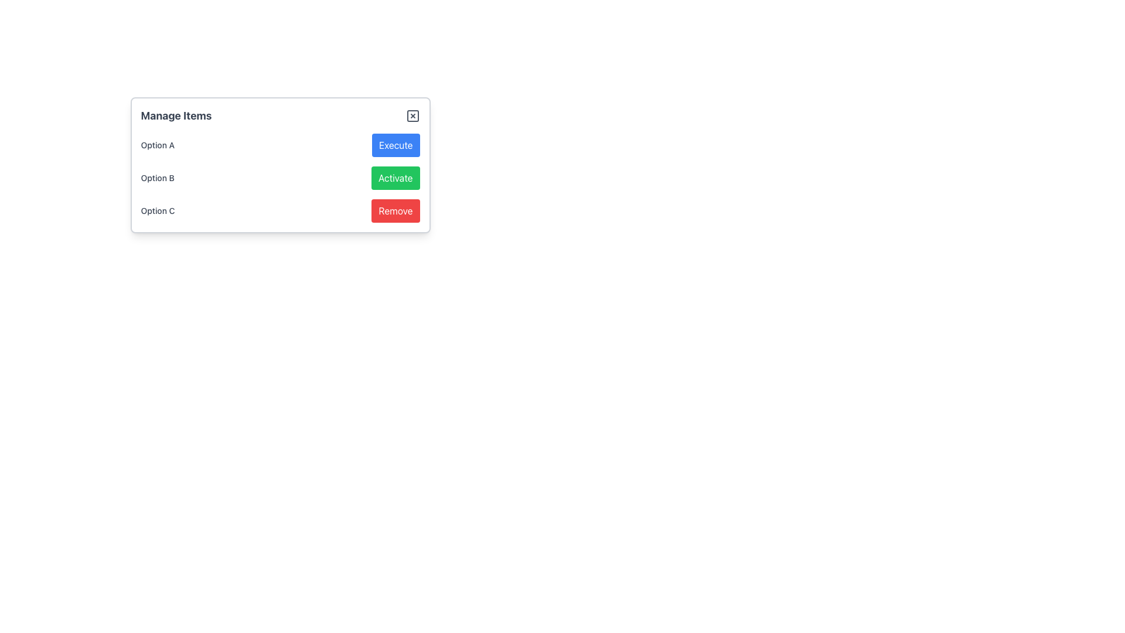 The width and height of the screenshot is (1125, 633). I want to click on the button, so click(396, 178).